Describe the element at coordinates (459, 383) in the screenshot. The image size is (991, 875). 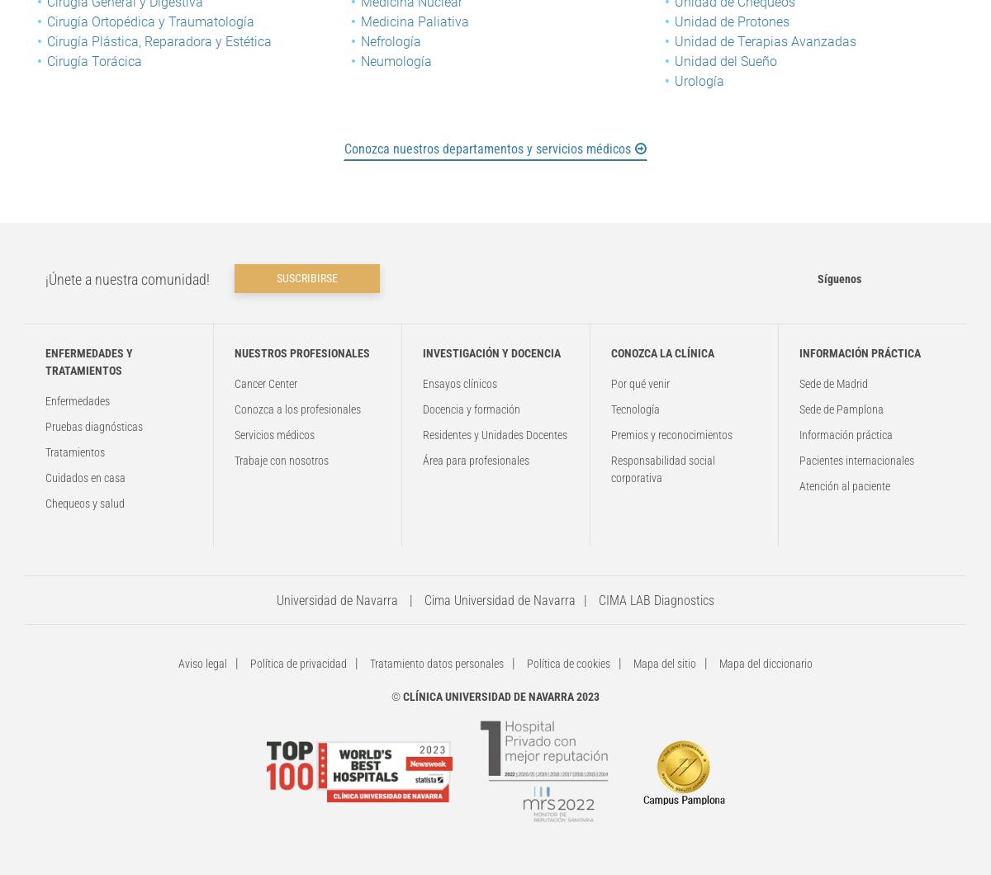
I see `'Ensayos clínicos'` at that location.